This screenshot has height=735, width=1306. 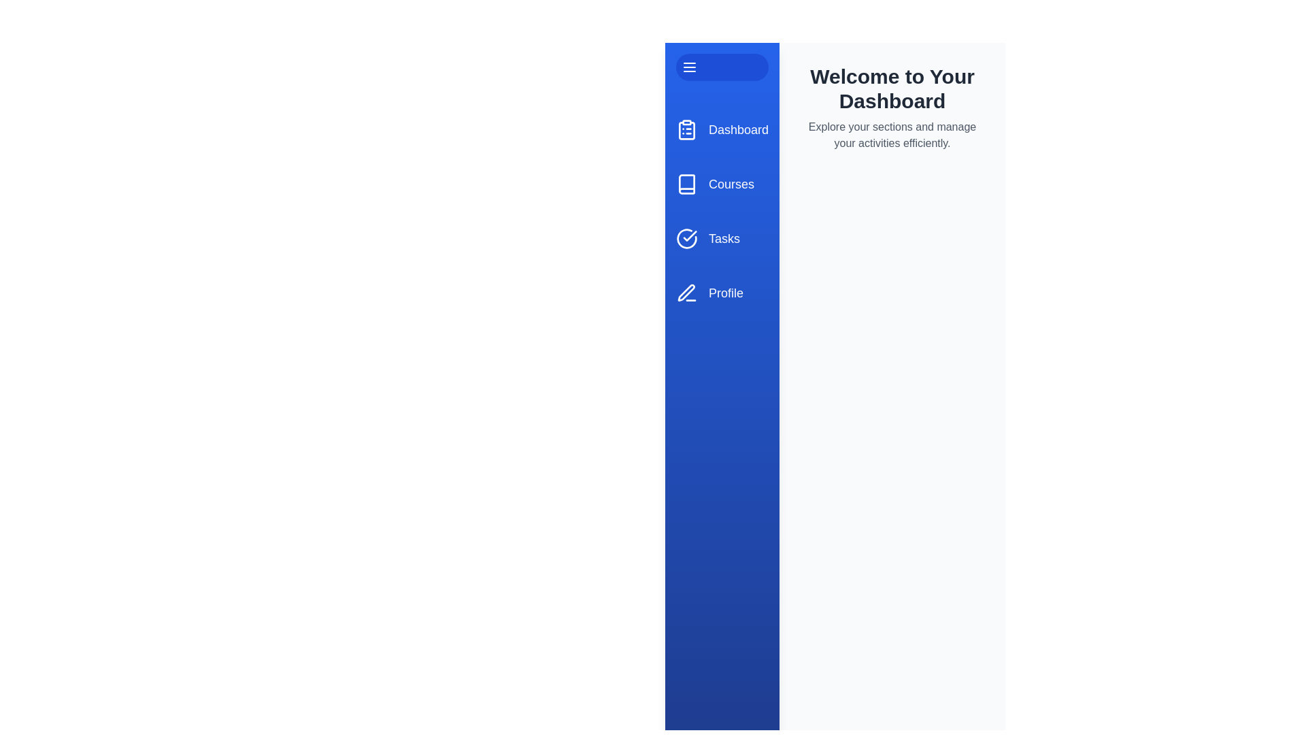 What do you see at coordinates (721, 293) in the screenshot?
I see `the menu item labeled Profile to navigate` at bounding box center [721, 293].